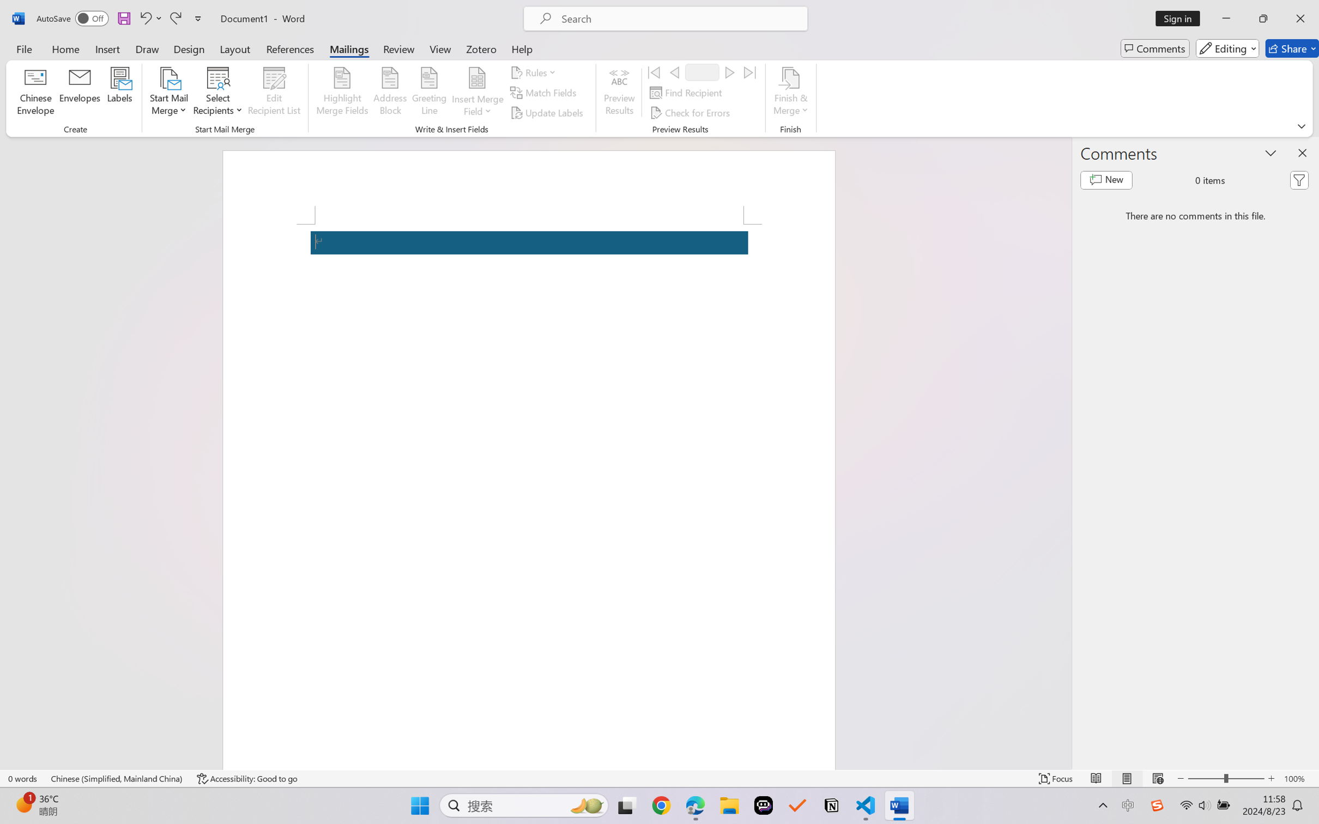  What do you see at coordinates (654, 71) in the screenshot?
I see `'First'` at bounding box center [654, 71].